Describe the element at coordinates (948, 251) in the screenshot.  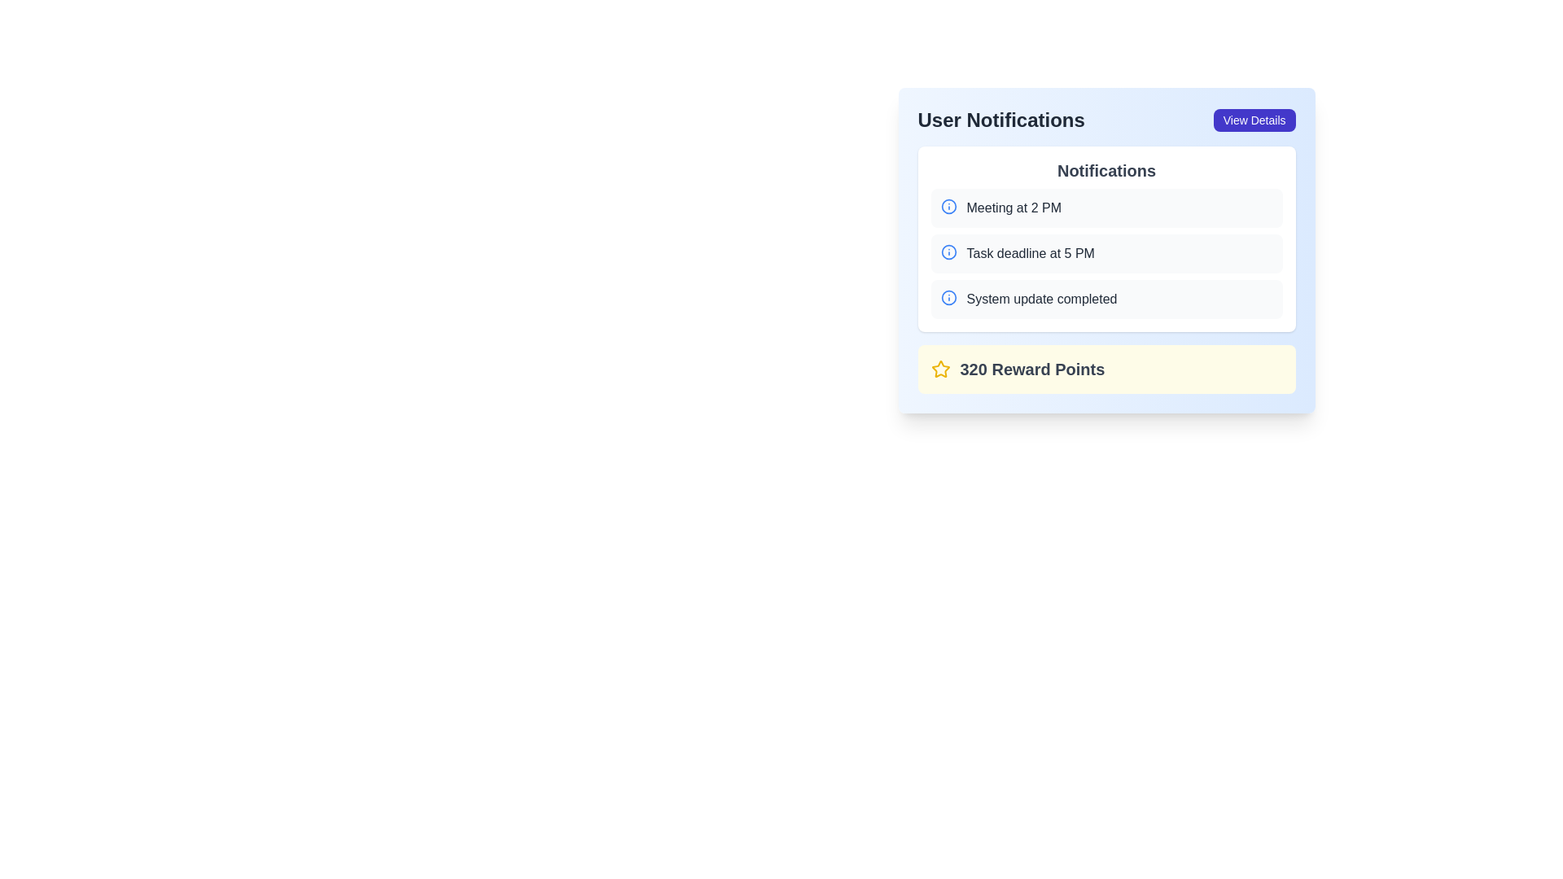
I see `the blue circular informational icon with a lowercase 'i' located to the left of the text 'Task deadline at 5 PM' in the second row of the Notifications list` at that location.